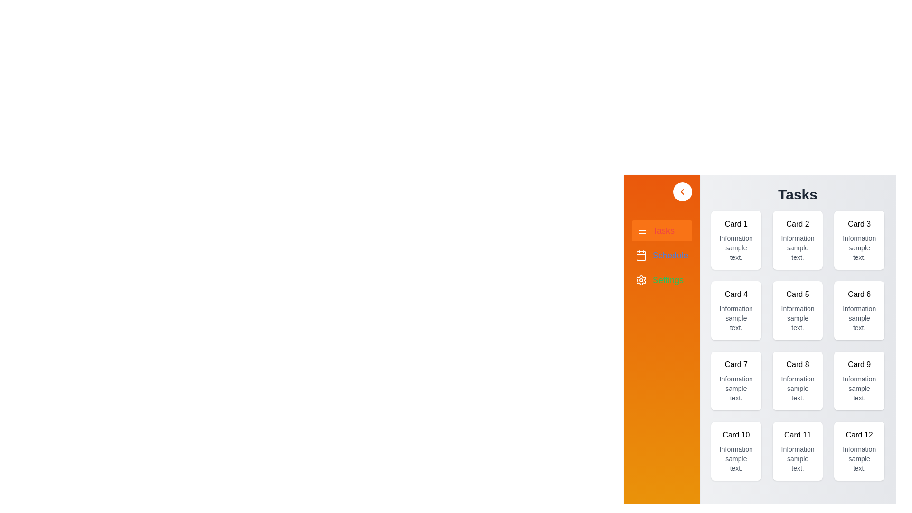 This screenshot has width=912, height=513. What do you see at coordinates (682, 192) in the screenshot?
I see `toggle button to open or close the drawer` at bounding box center [682, 192].